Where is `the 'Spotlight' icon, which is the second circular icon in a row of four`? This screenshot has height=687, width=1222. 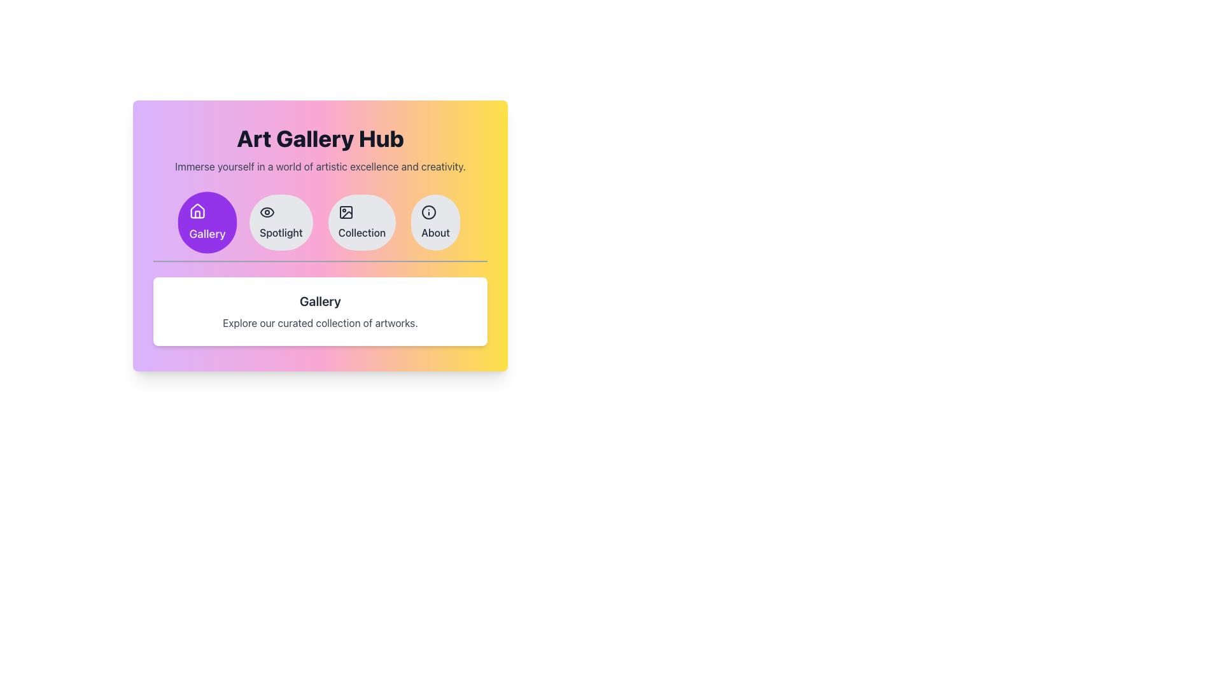
the 'Spotlight' icon, which is the second circular icon in a row of four is located at coordinates (267, 212).